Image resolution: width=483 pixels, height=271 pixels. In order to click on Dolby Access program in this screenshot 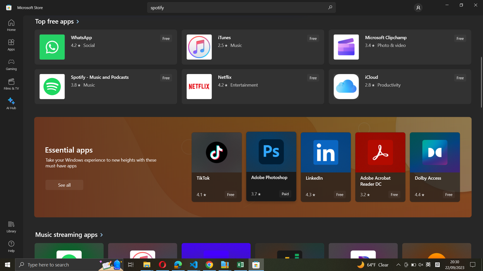, I will do `click(434, 167)`.